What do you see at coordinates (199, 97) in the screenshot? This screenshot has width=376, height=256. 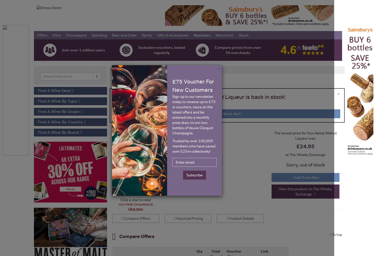 I see `'Be the first to know when Nux Alpina Walnut Liqueur is back in stock!'` at bounding box center [199, 97].